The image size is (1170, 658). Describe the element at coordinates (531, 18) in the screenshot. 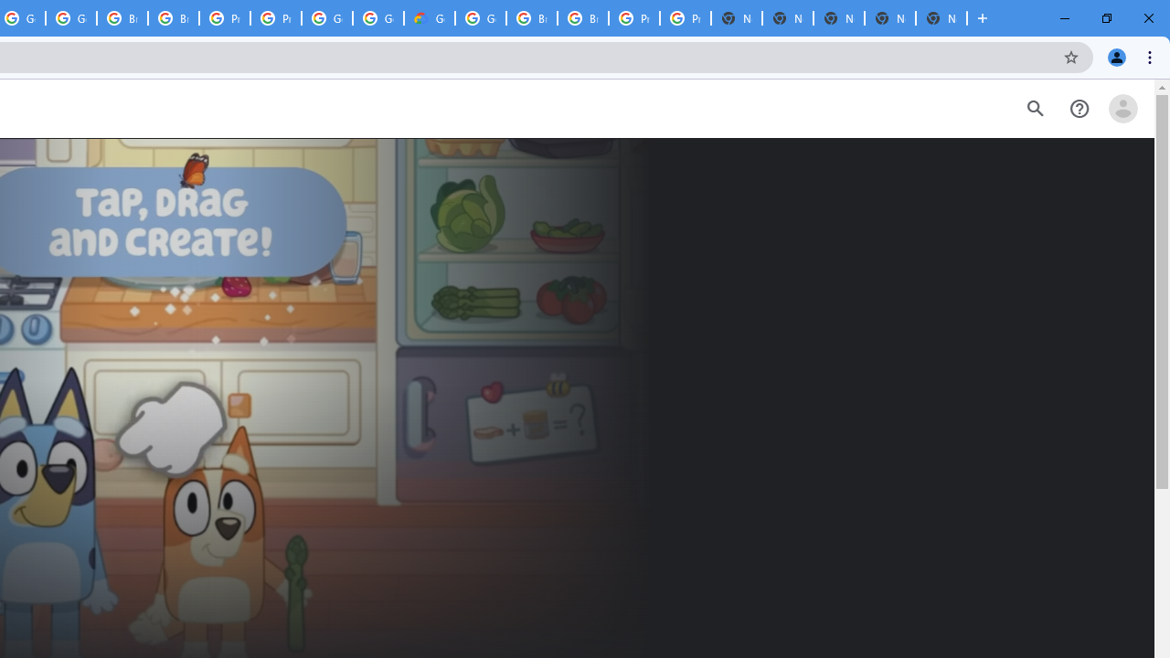

I see `'Browse Chrome as a guest - Computer - Google Chrome Help'` at that location.